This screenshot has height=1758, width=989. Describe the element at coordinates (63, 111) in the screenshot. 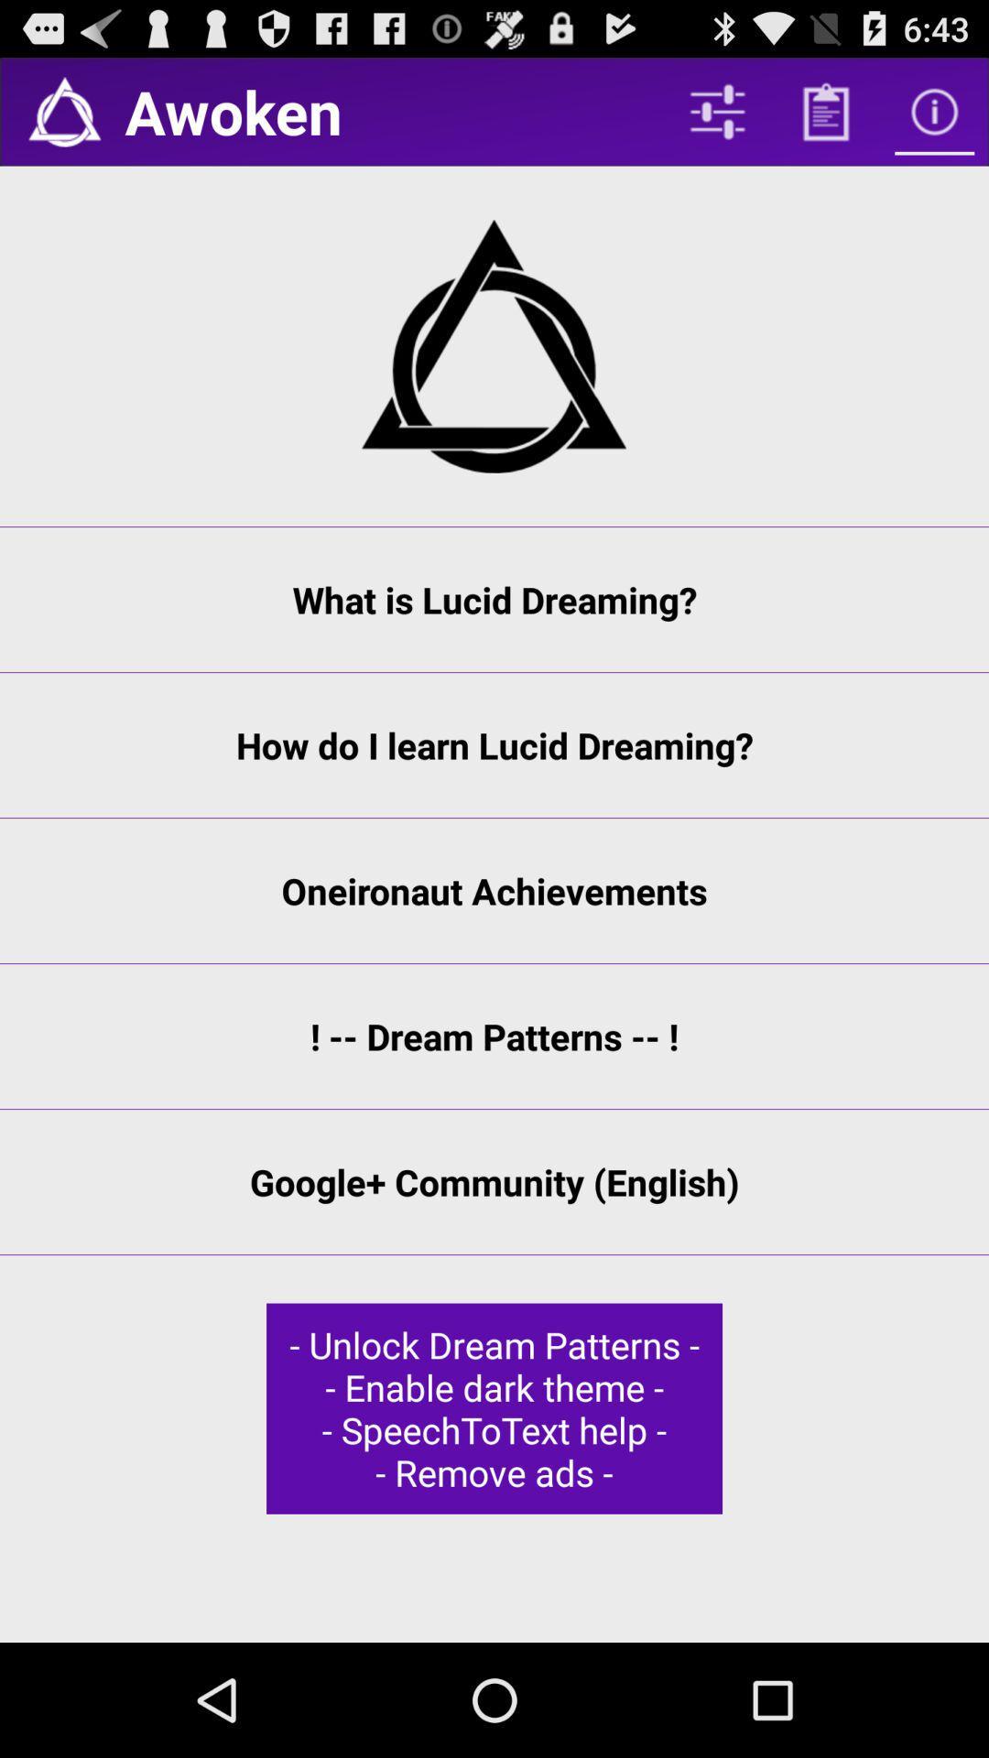

I see `home page` at that location.